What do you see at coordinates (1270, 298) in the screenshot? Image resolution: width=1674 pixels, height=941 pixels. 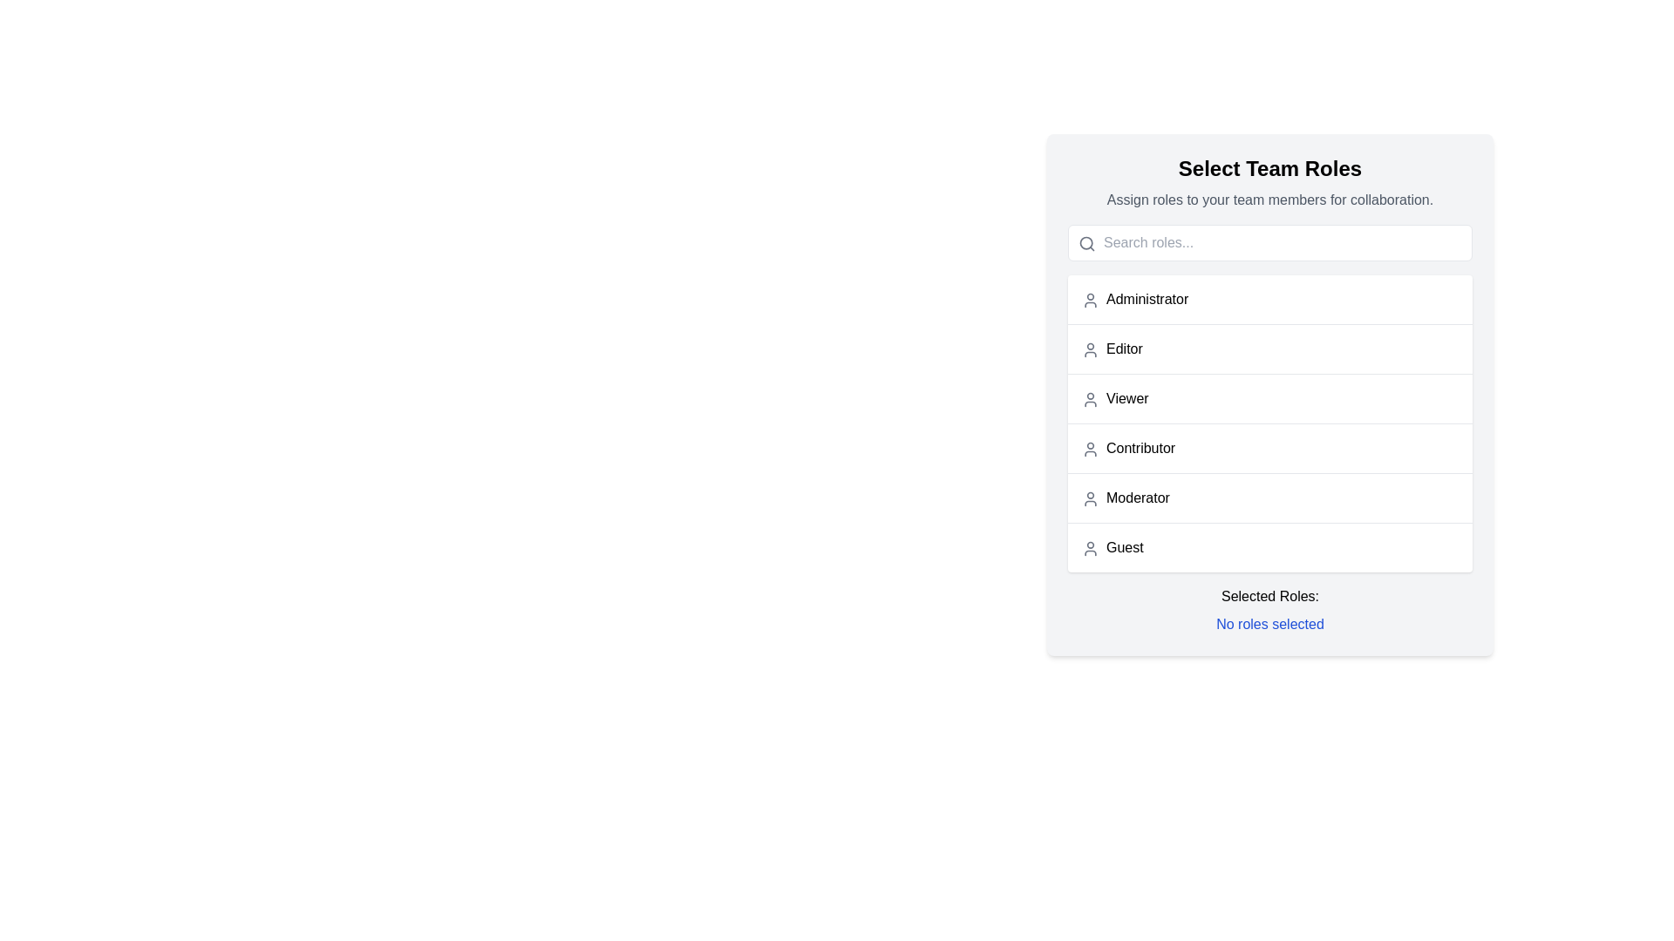 I see `the 'Administrator' list item, which is the first option in a list of user roles` at bounding box center [1270, 298].